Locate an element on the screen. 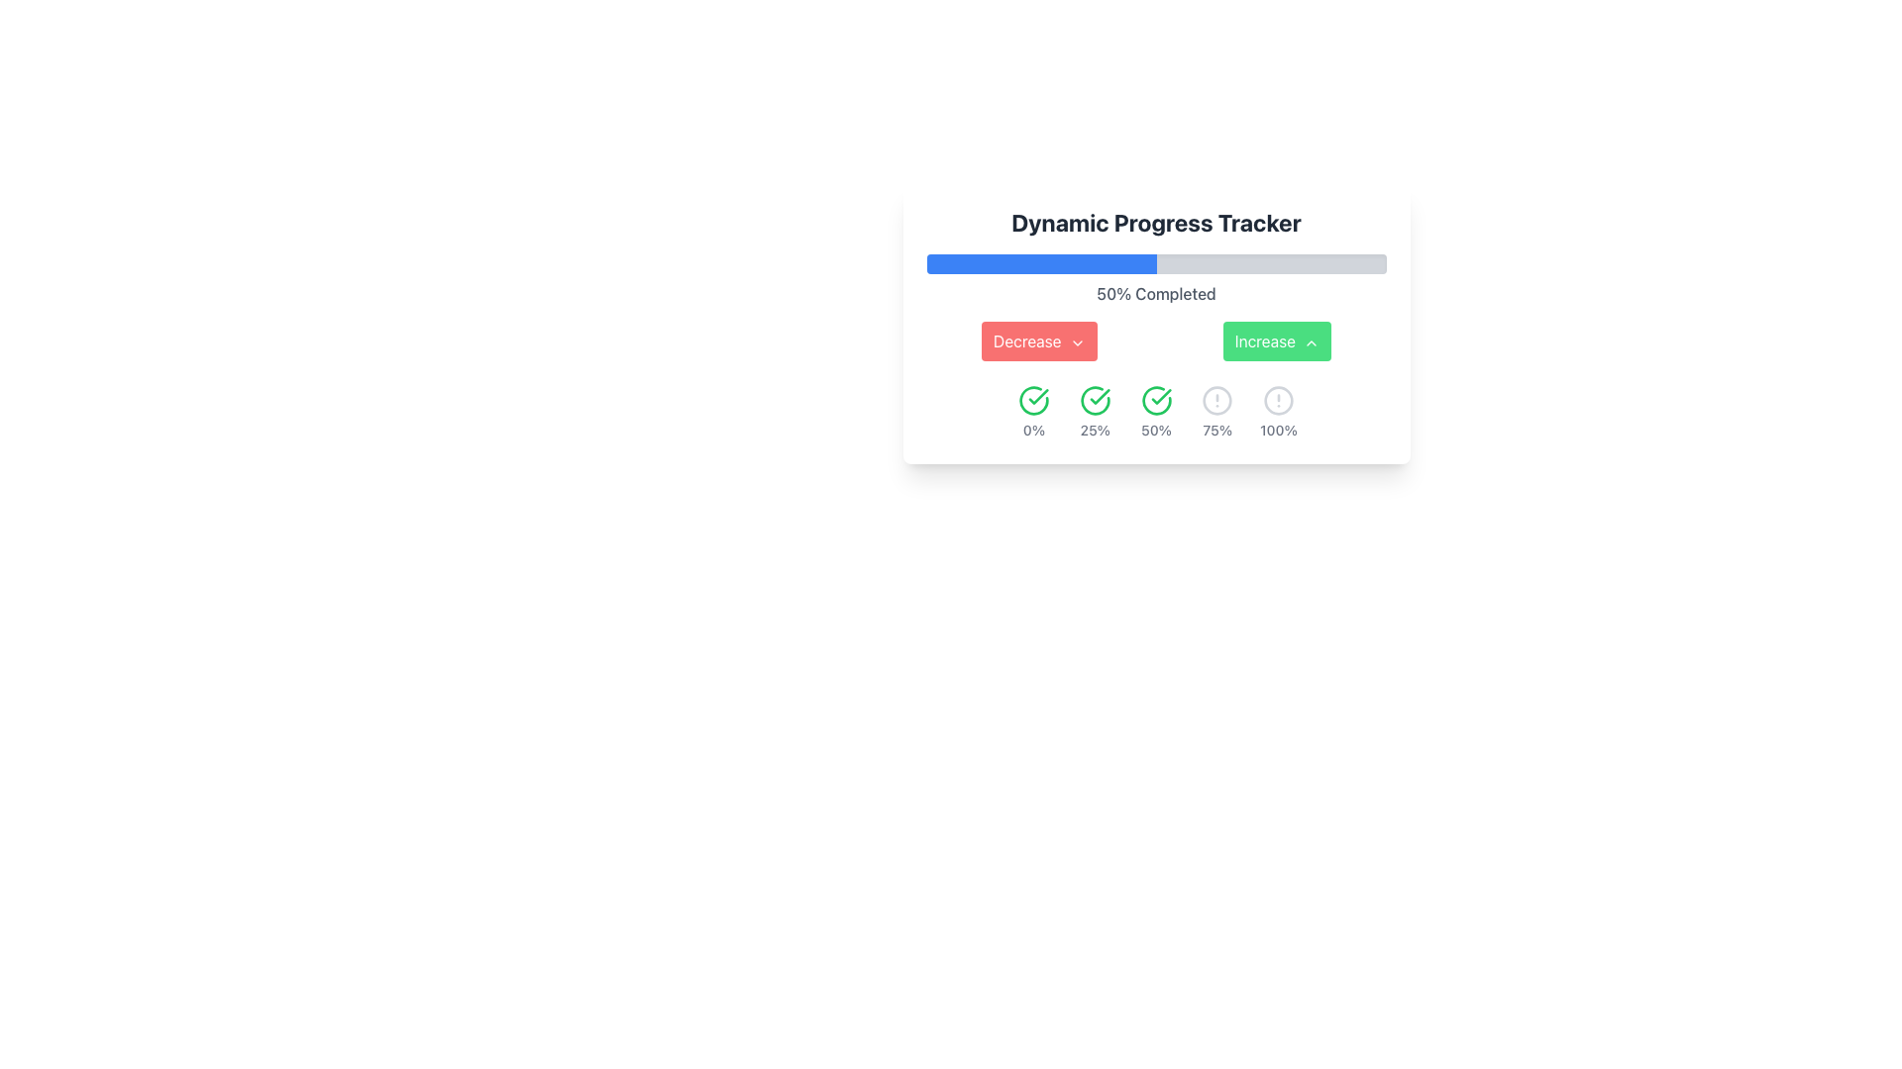 The height and width of the screenshot is (1069, 1902). the 25% progress milestone icon, which is the second icon from the left in the sequence of progress percentage icons is located at coordinates (1094, 401).